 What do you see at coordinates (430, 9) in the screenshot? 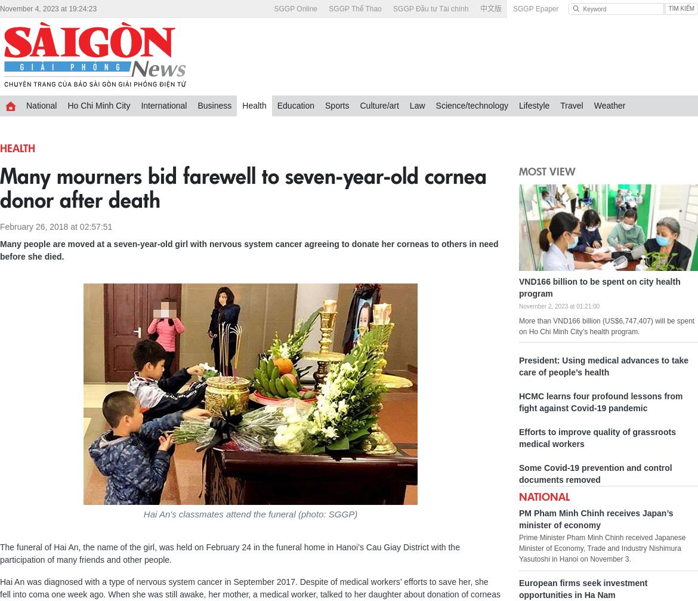
I see `'SGGP Đầu tư Tài chính'` at bounding box center [430, 9].